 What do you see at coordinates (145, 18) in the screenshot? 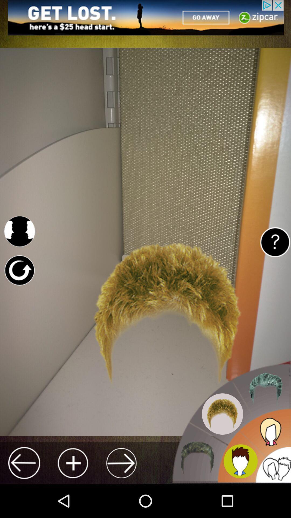
I see `the adversitement` at bounding box center [145, 18].